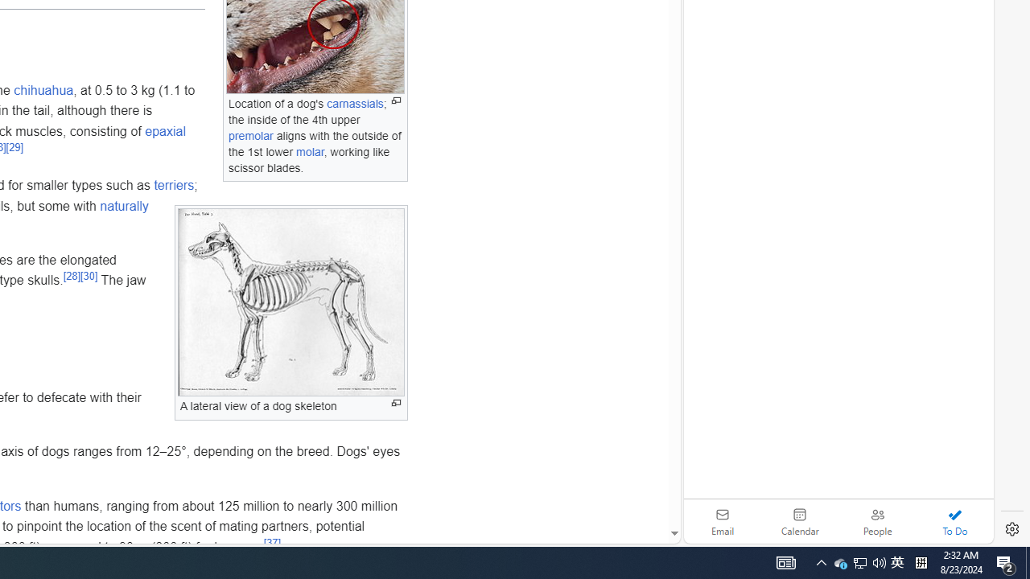  What do you see at coordinates (71, 275) in the screenshot?
I see `'[28]'` at bounding box center [71, 275].